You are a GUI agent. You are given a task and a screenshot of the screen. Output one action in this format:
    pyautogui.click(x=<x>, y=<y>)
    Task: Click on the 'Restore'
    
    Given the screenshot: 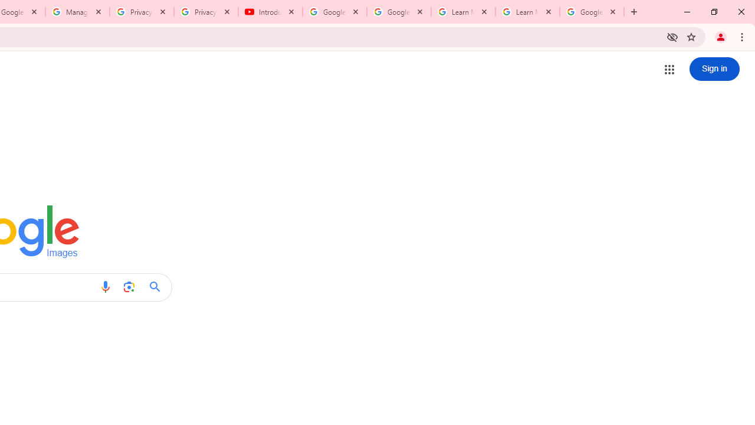 What is the action you would take?
    pyautogui.click(x=713, y=12)
    